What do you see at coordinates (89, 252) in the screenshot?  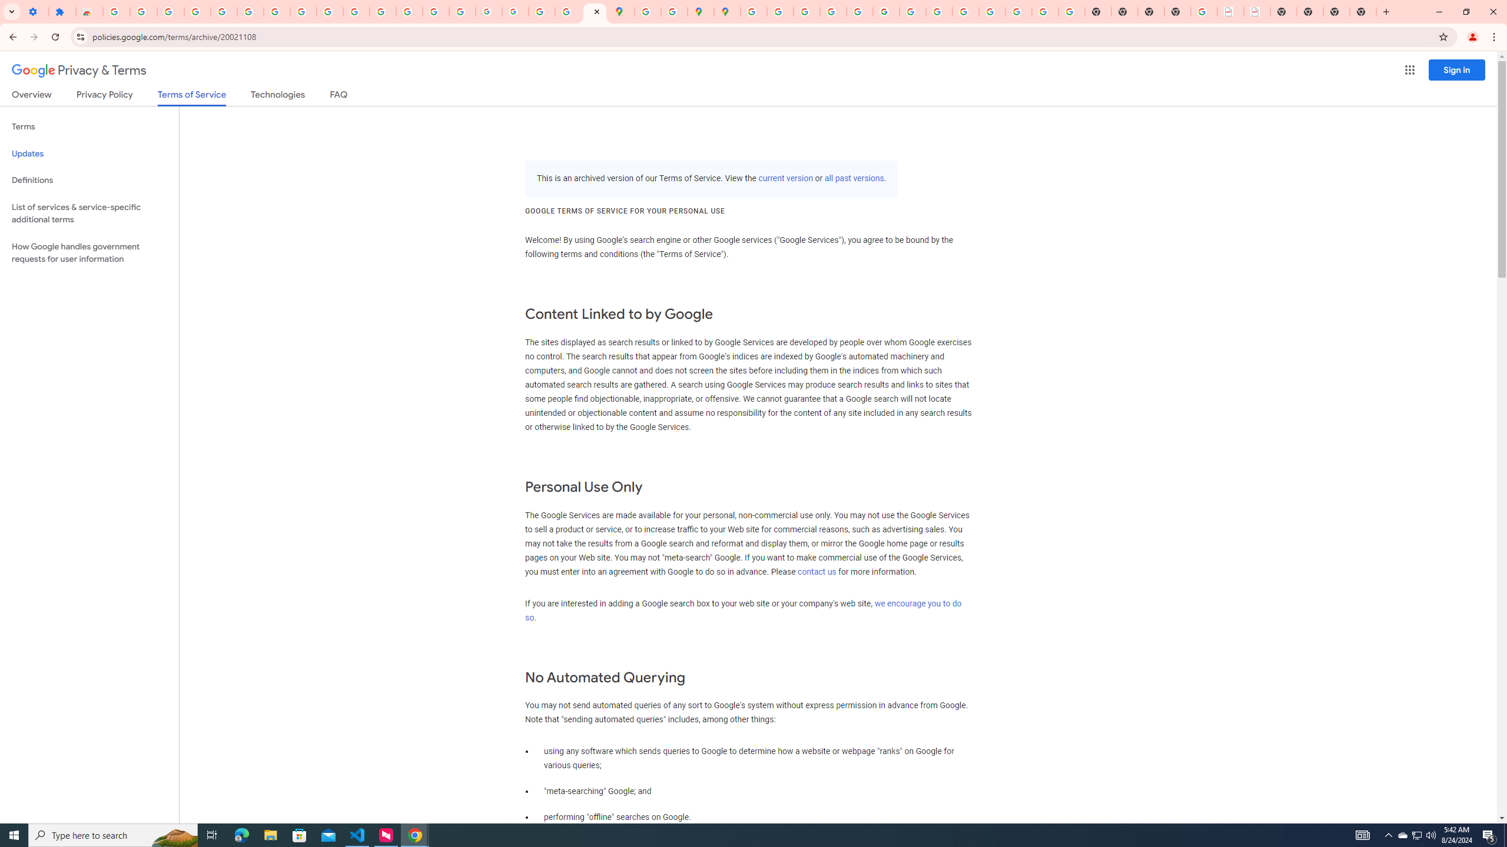 I see `'How Google handles government requests for user information'` at bounding box center [89, 252].